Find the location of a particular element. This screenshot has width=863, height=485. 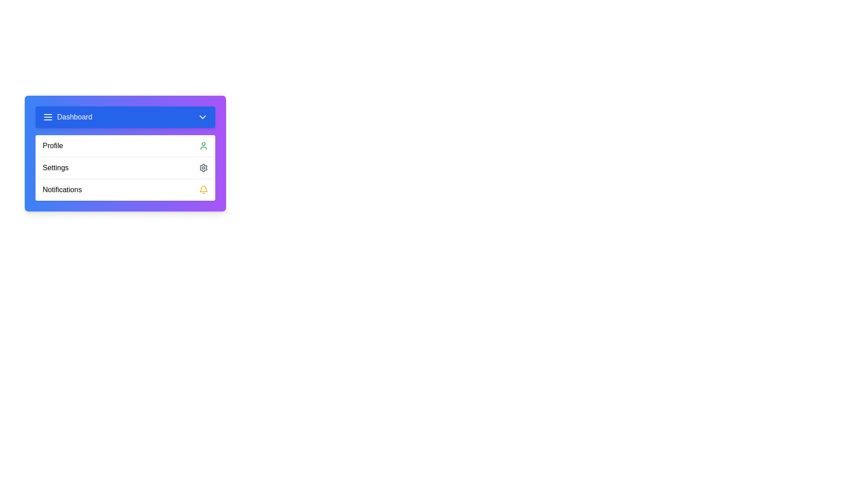

the menu item Settings is located at coordinates (125, 168).